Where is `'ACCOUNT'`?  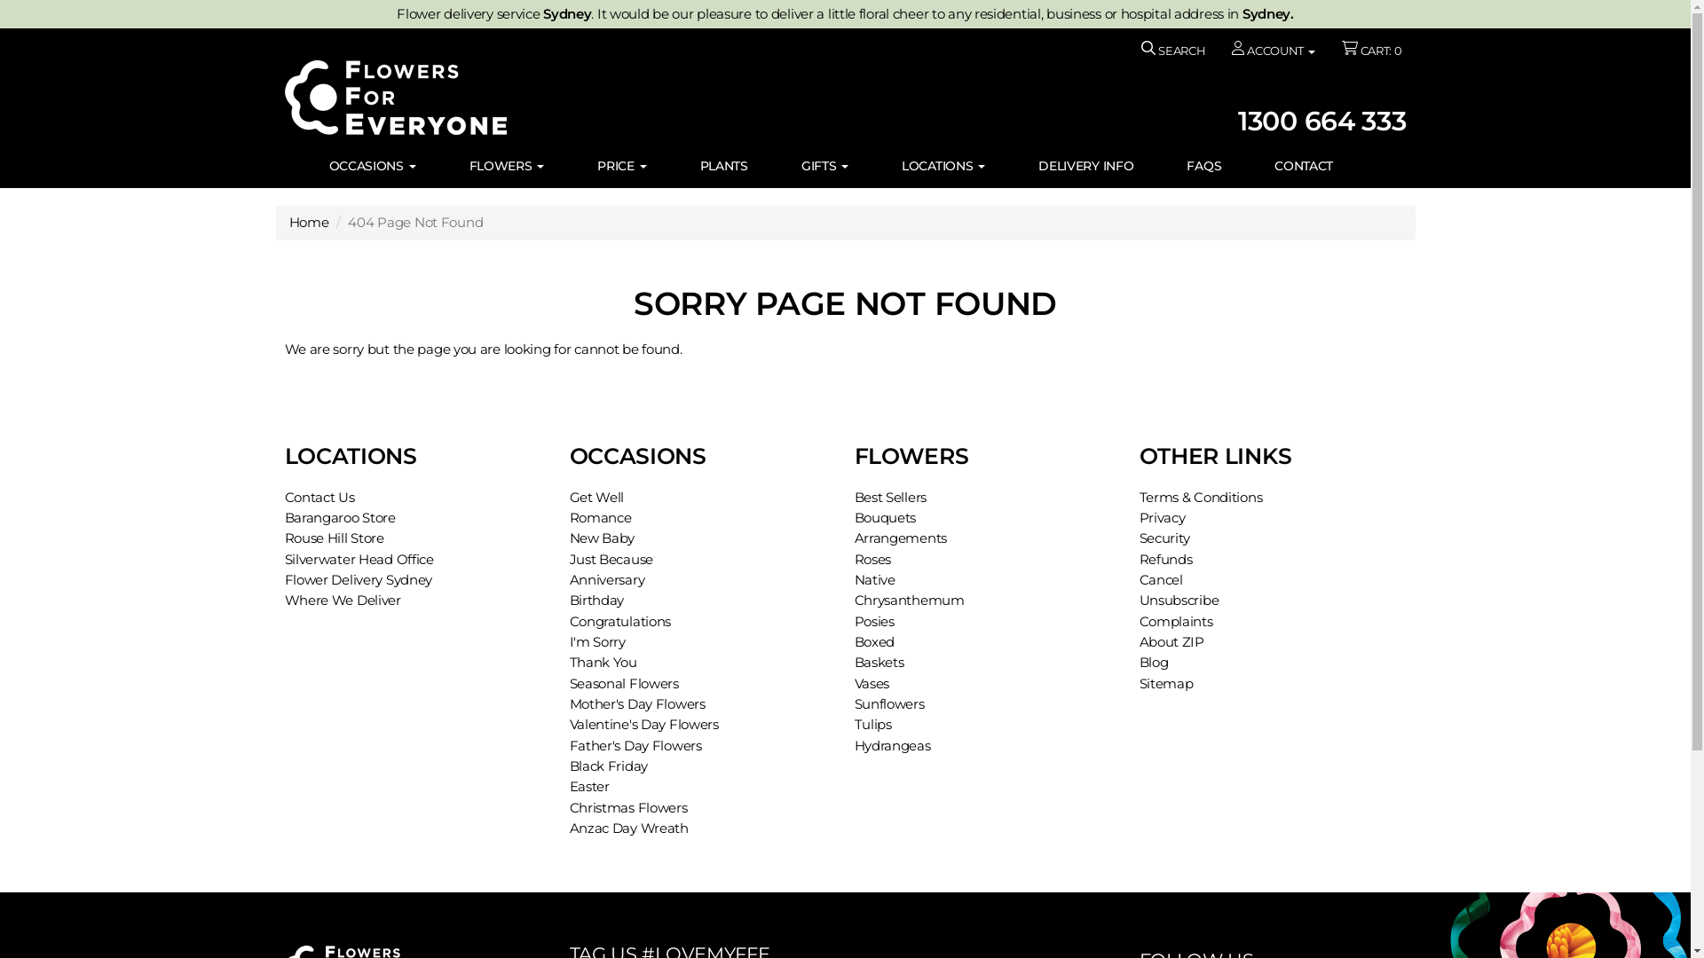 'ACCOUNT' is located at coordinates (1272, 50).